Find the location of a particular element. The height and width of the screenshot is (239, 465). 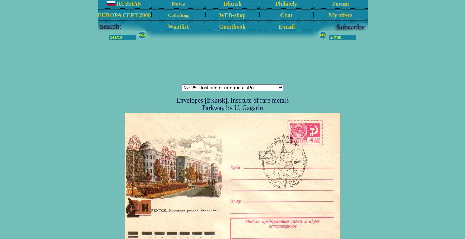

'Collecting' is located at coordinates (178, 15).